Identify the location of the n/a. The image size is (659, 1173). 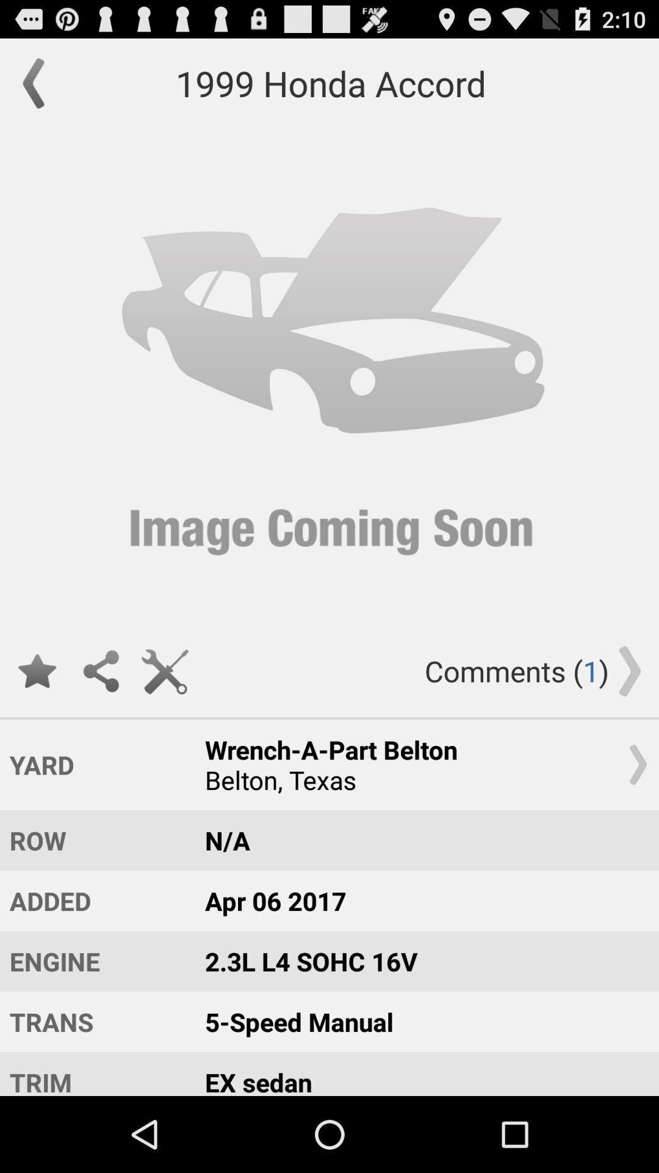
(420, 839).